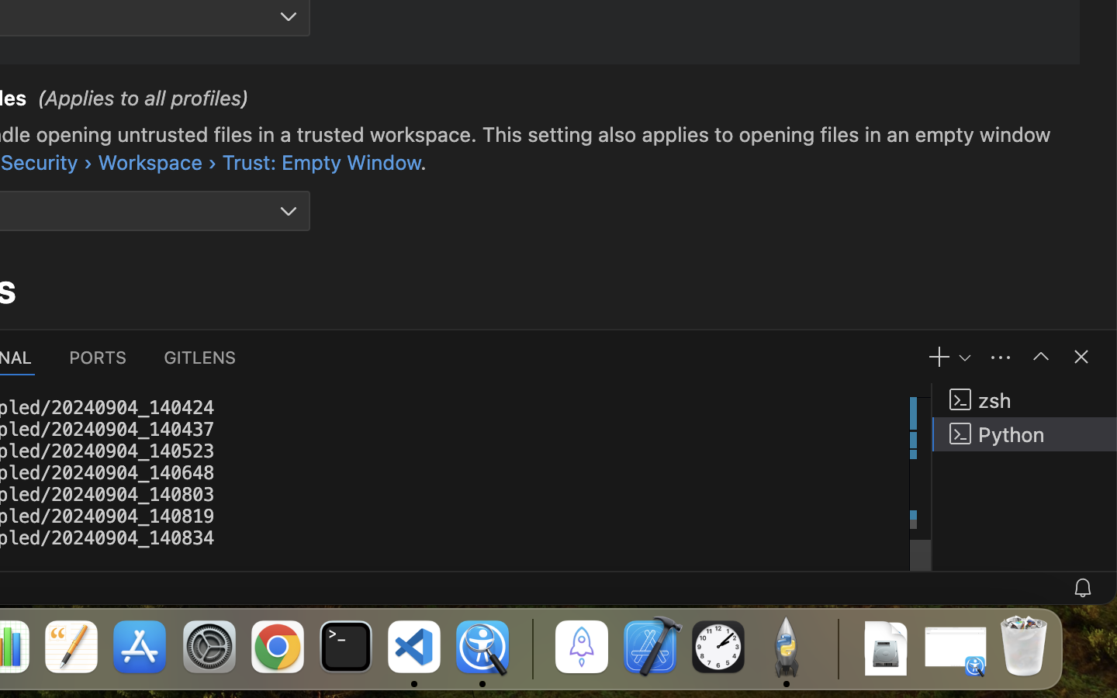 Image resolution: width=1117 pixels, height=698 pixels. I want to click on '', so click(1081, 355).